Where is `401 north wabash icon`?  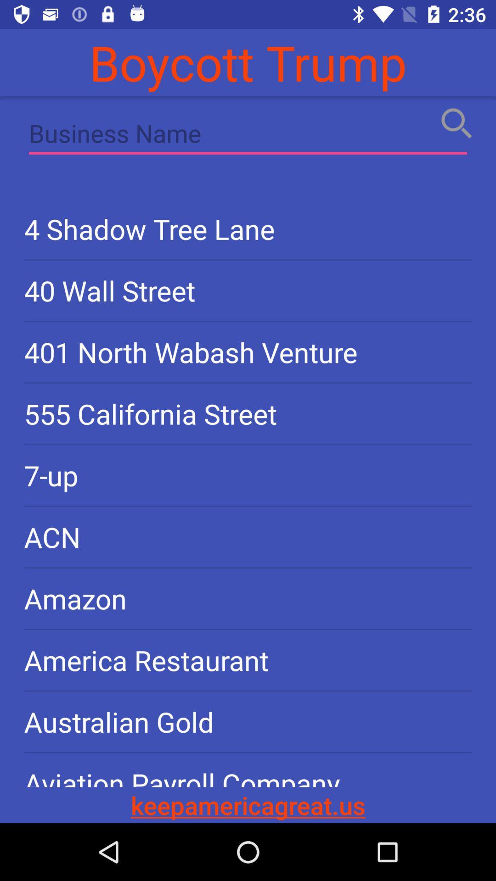 401 north wabash icon is located at coordinates (248, 351).